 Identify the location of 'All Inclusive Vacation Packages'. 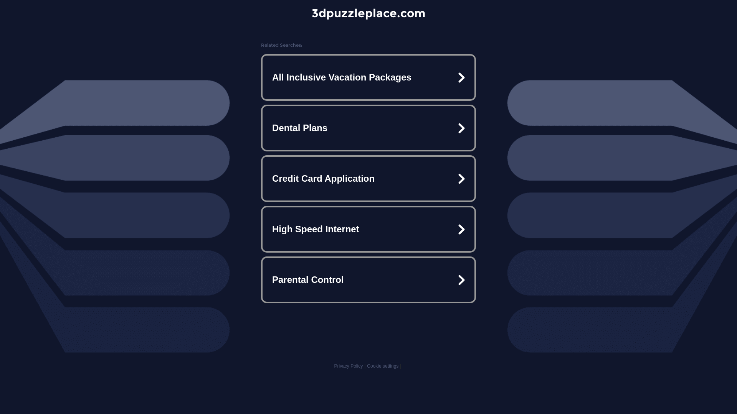
(368, 77).